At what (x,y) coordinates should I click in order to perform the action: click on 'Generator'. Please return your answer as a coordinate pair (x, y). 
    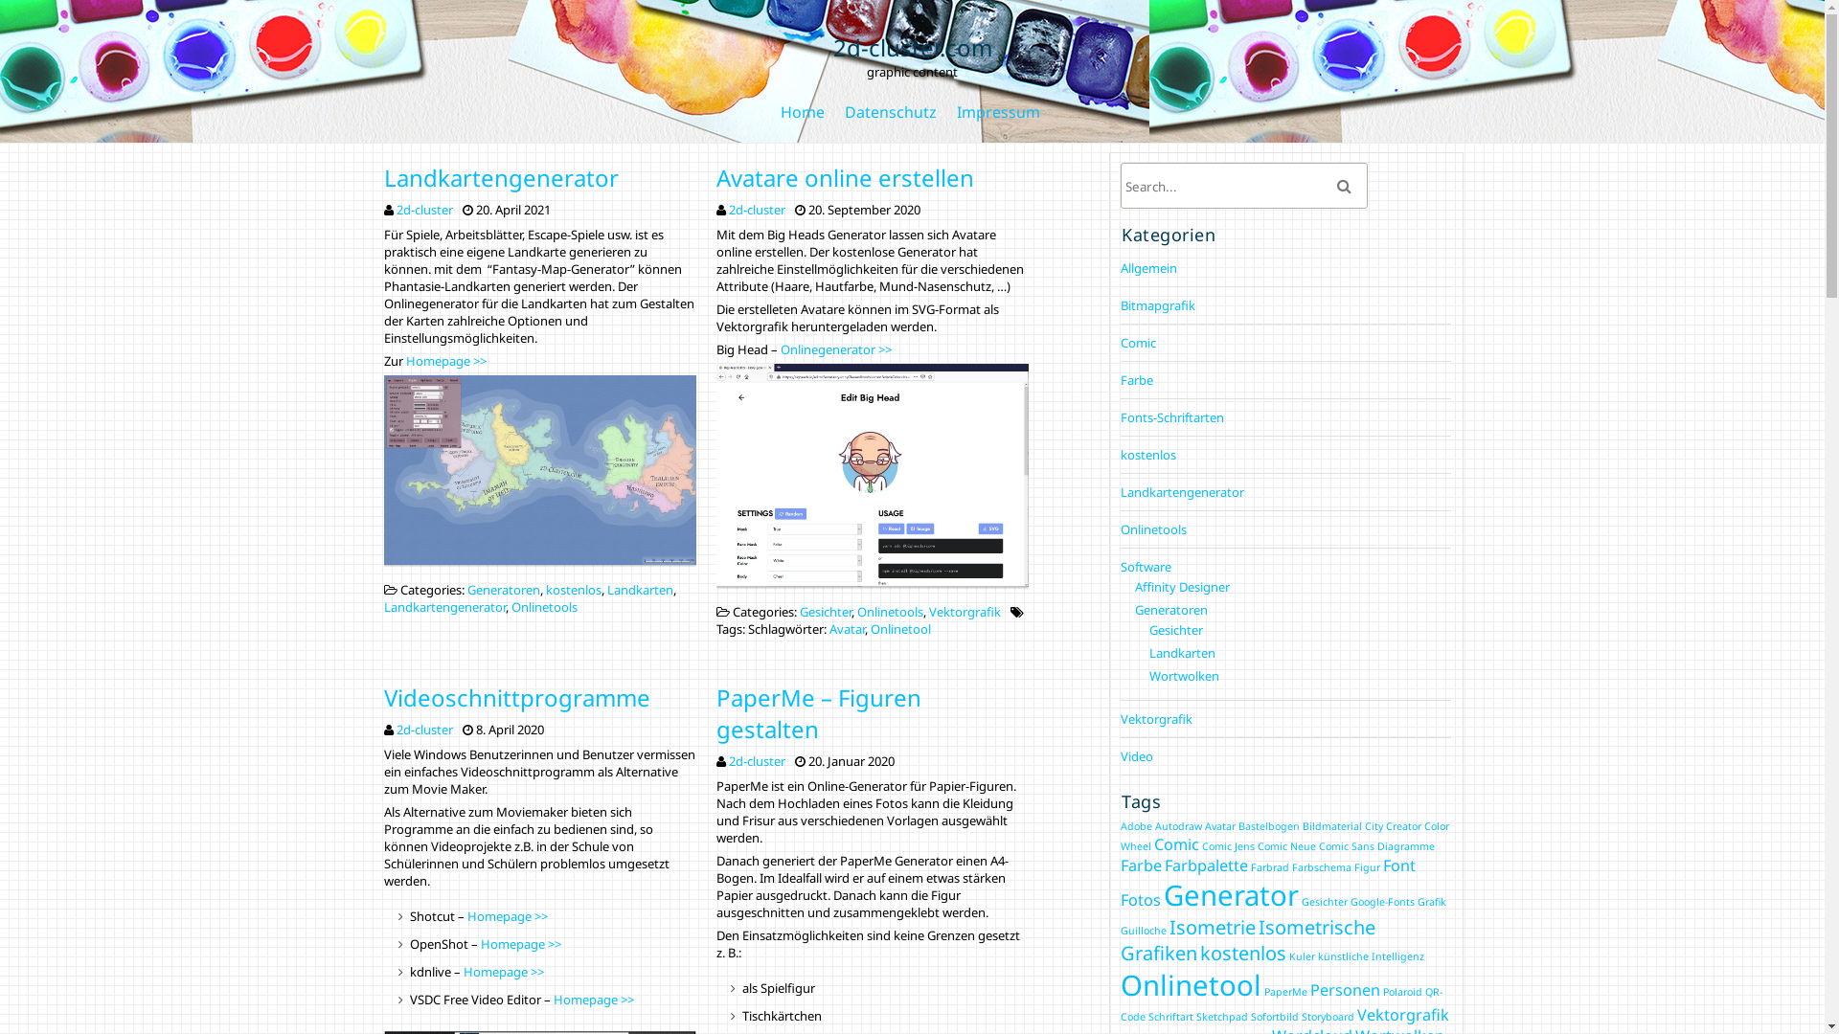
    Looking at the image, I should click on (1231, 894).